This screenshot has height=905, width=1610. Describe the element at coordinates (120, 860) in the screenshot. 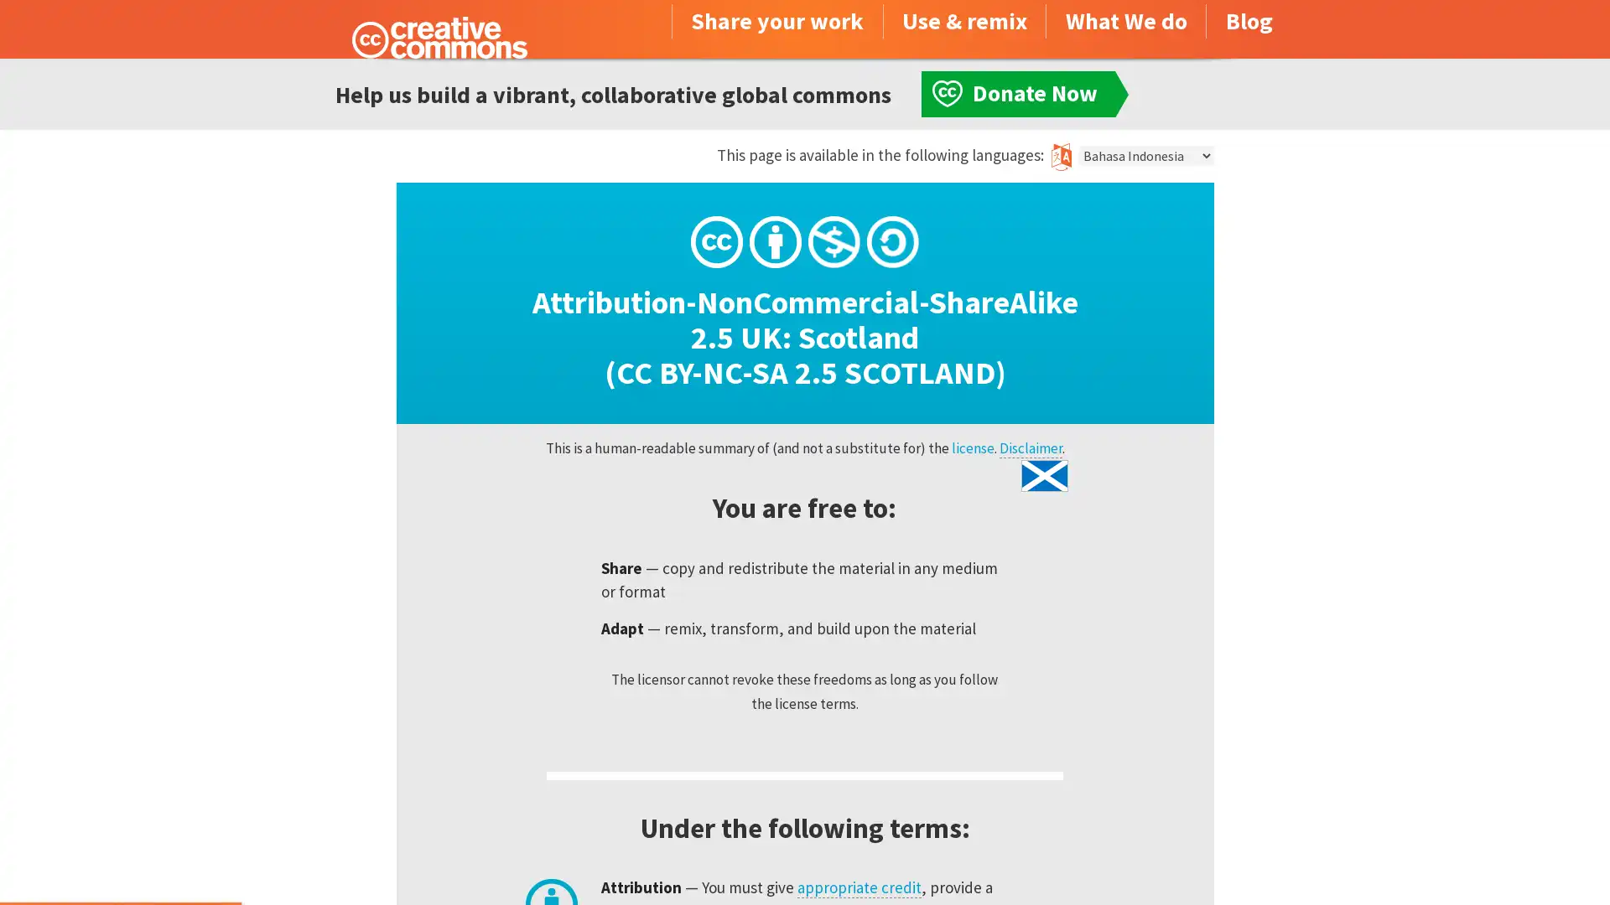

I see `Donate Now` at that location.